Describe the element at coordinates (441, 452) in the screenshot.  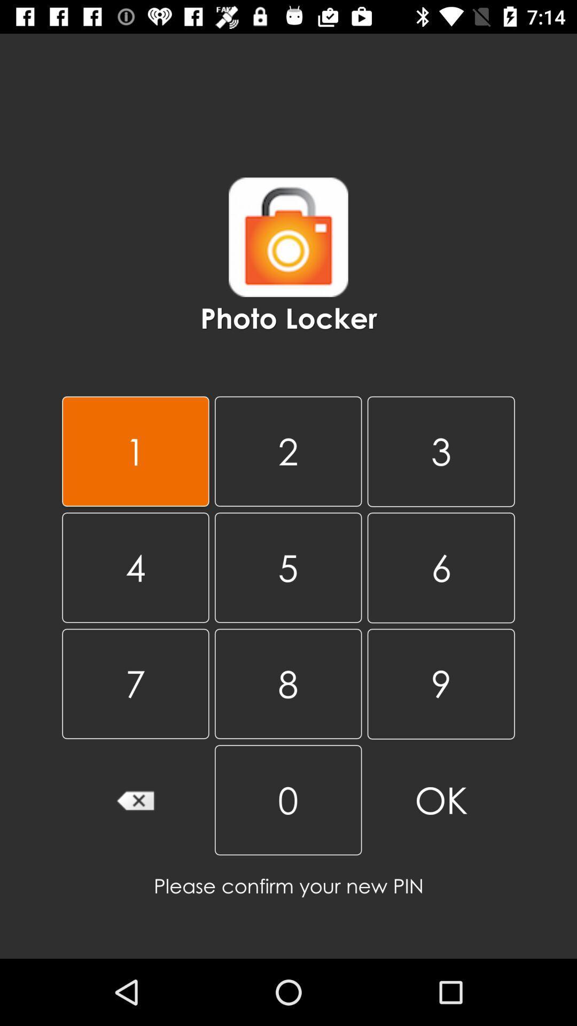
I see `the item above 5 item` at that location.